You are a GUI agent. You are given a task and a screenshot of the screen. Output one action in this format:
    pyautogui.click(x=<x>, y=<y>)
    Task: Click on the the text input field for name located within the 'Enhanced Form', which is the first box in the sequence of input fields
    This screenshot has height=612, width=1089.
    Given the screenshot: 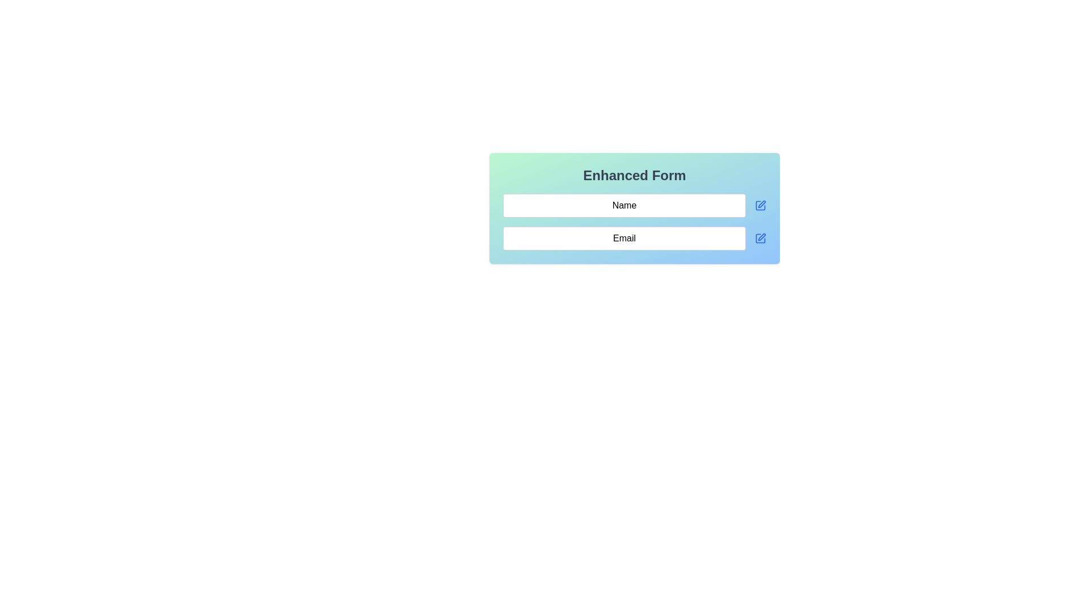 What is the action you would take?
    pyautogui.click(x=623, y=205)
    